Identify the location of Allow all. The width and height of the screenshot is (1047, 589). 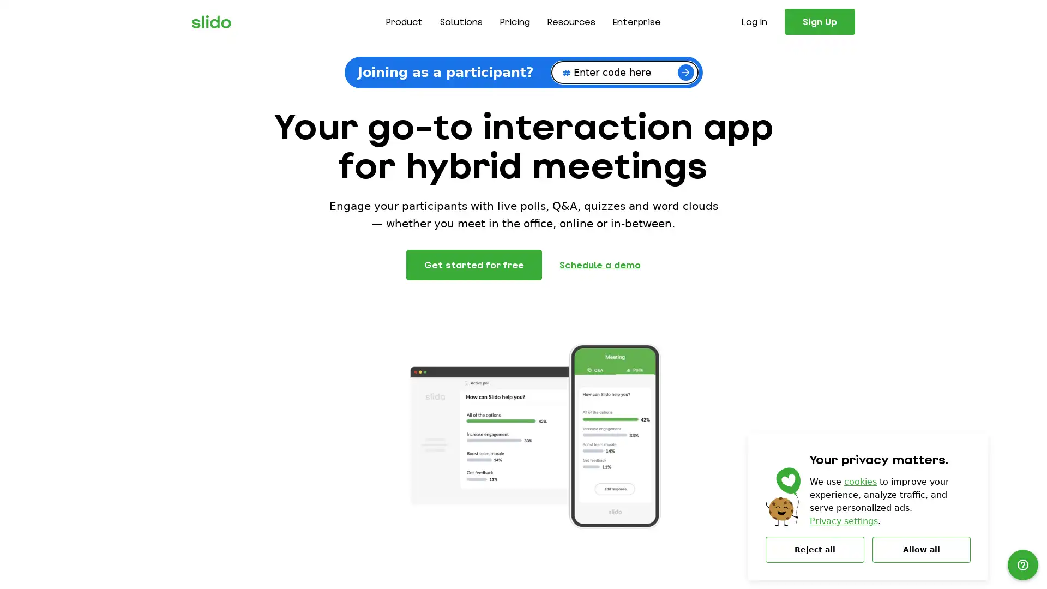
(920, 549).